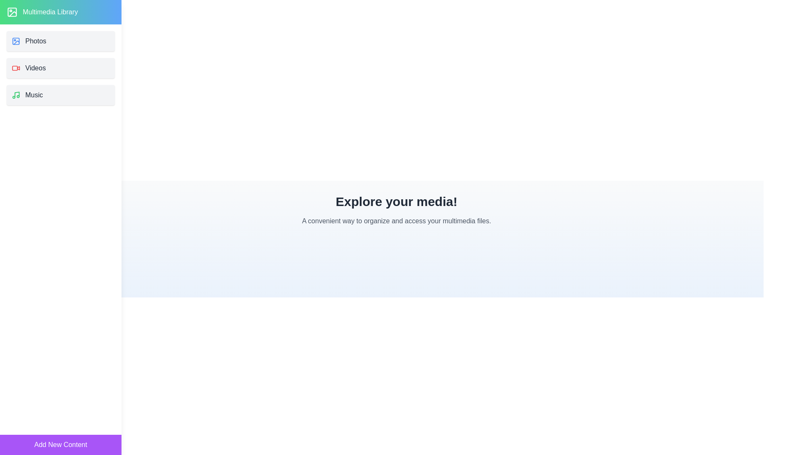  Describe the element at coordinates (60, 95) in the screenshot. I see `the category 'Music' to select it` at that location.